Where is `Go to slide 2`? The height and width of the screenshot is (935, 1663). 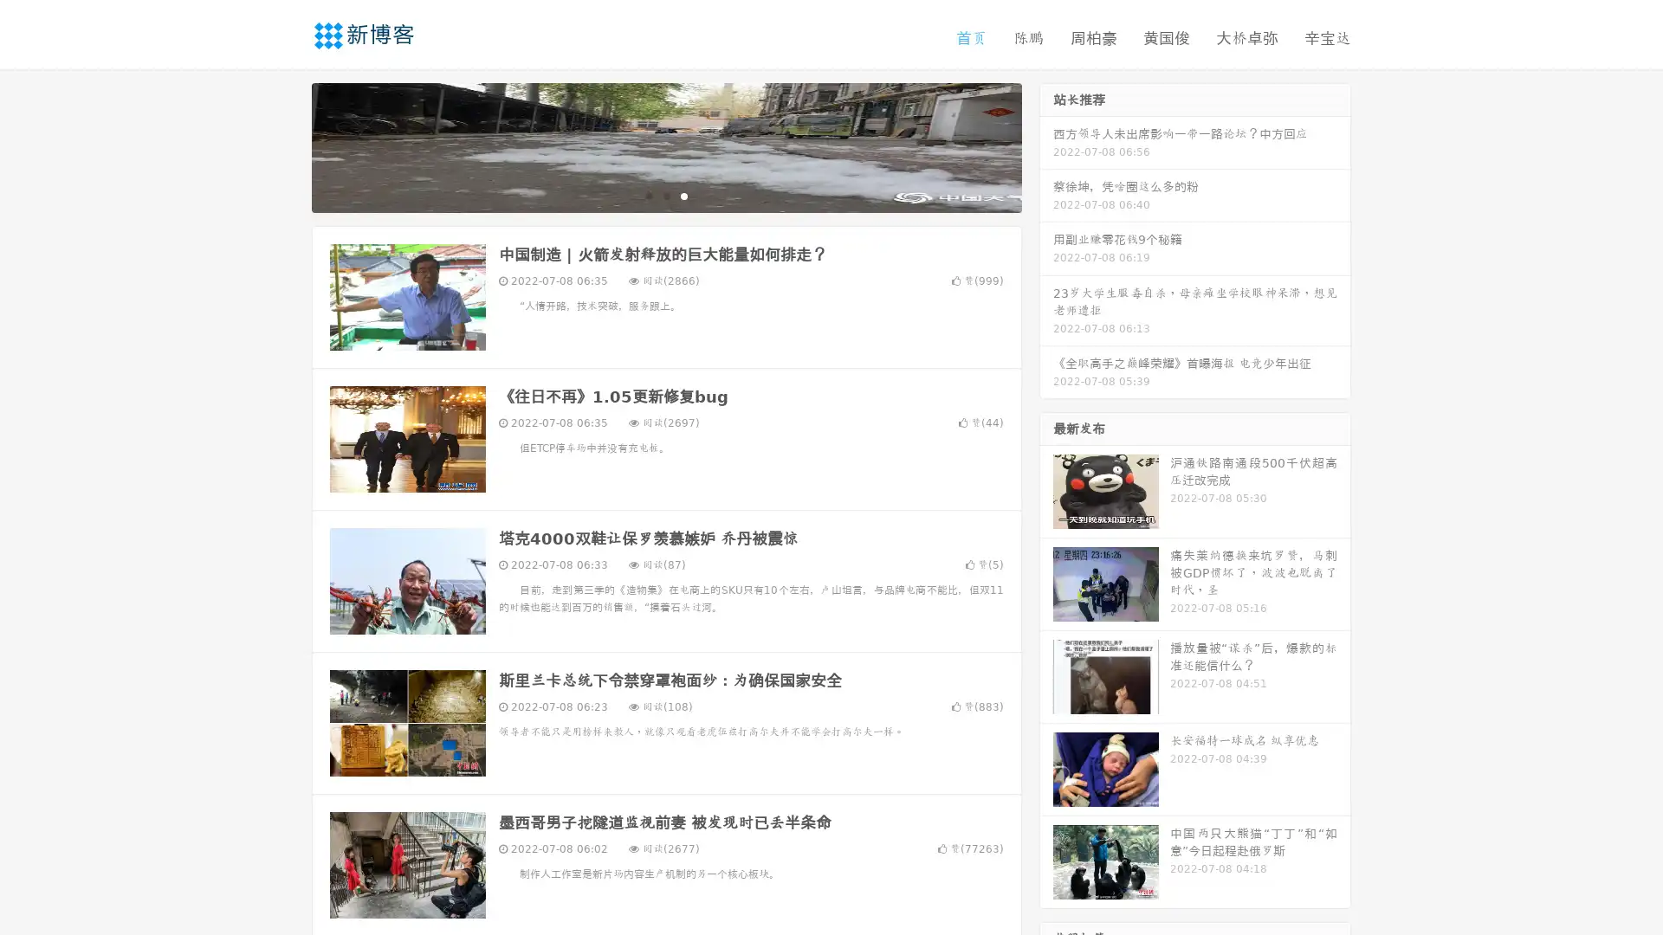
Go to slide 2 is located at coordinates (665, 195).